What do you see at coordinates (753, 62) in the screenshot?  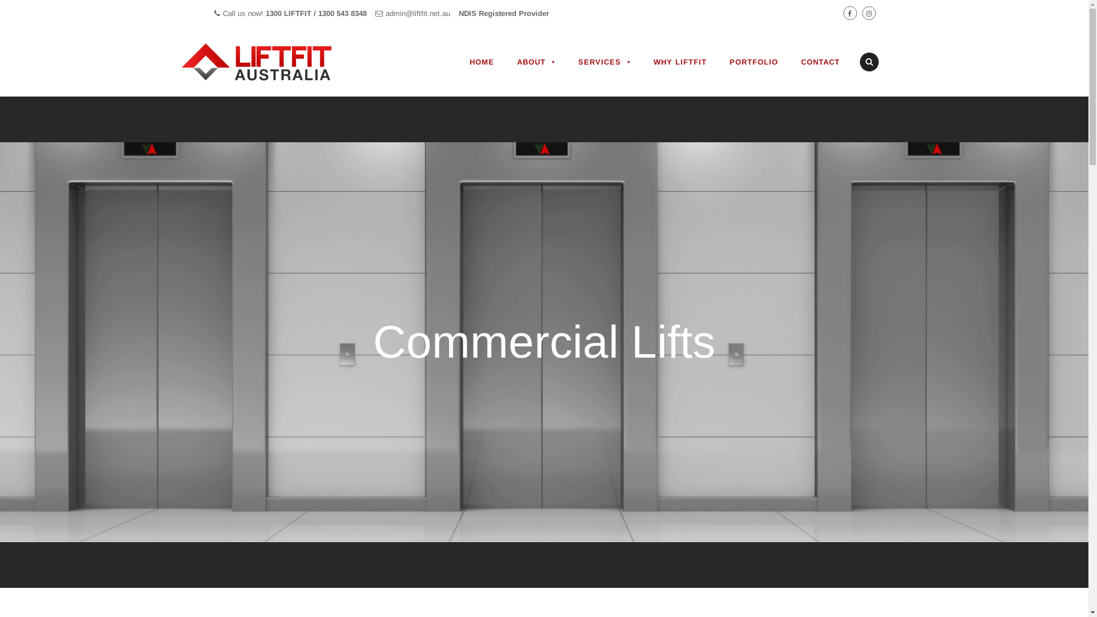 I see `'PORTFOLIO'` at bounding box center [753, 62].